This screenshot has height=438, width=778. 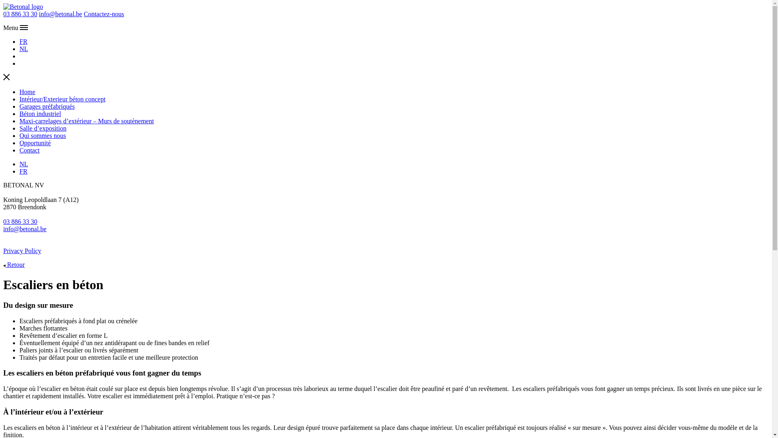 I want to click on 'Home', so click(x=27, y=91).